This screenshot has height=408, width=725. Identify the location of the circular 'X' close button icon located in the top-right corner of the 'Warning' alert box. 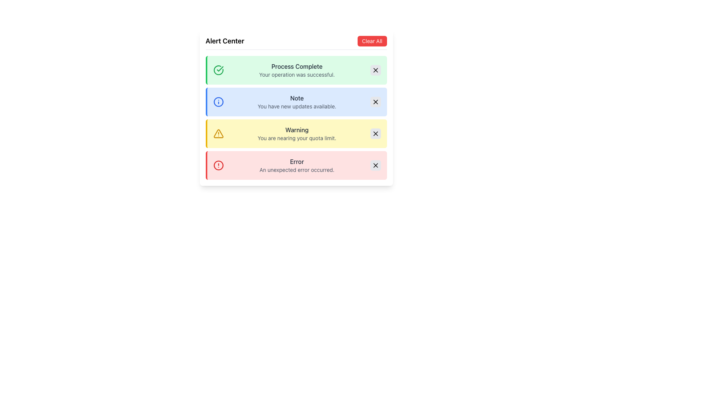
(375, 133).